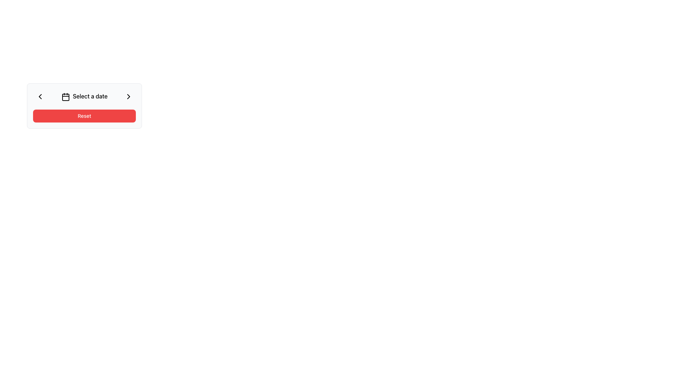  Describe the element at coordinates (40, 96) in the screenshot. I see `the leftmost navigation icon in the date-picker component` at that location.